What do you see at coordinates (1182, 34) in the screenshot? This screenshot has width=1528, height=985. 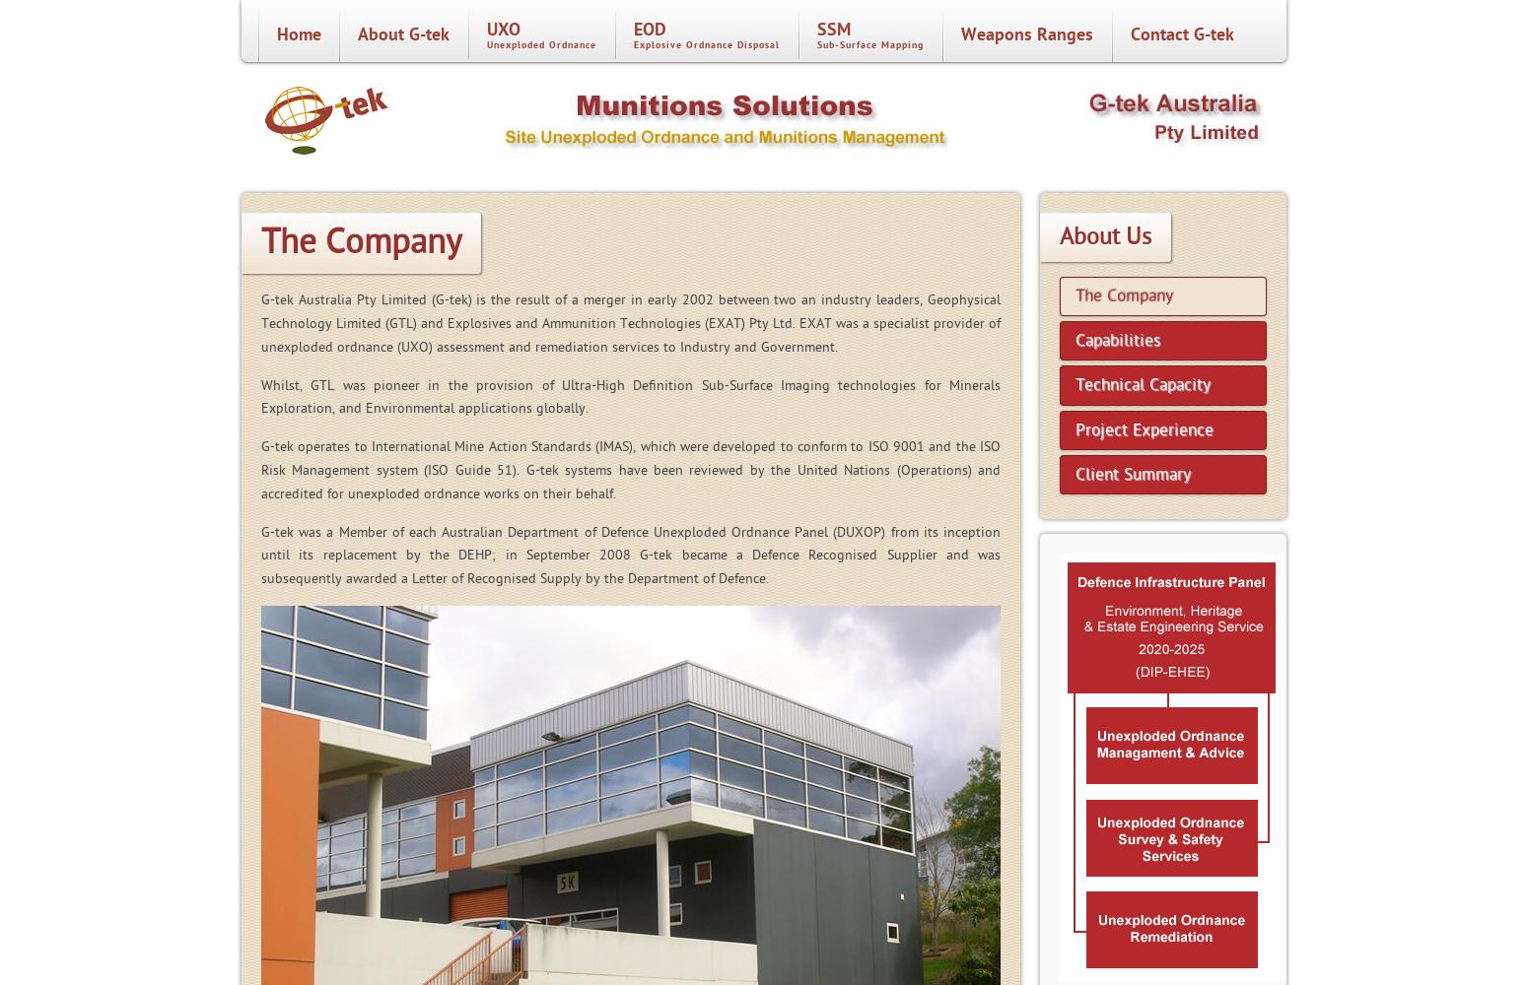 I see `'Contact G-tek'` at bounding box center [1182, 34].